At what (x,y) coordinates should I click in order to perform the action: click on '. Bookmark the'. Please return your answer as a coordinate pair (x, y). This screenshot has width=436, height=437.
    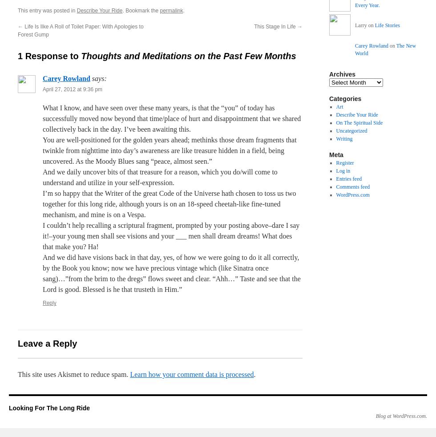
    Looking at the image, I should click on (141, 10).